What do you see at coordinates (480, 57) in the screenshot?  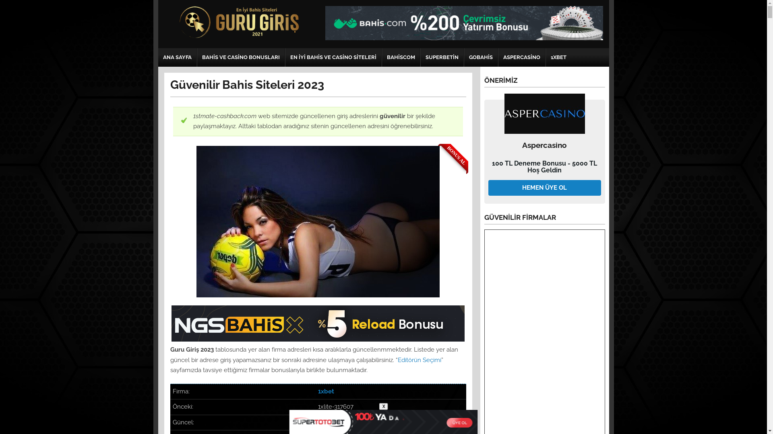 I see `'GOBAHIS'` at bounding box center [480, 57].